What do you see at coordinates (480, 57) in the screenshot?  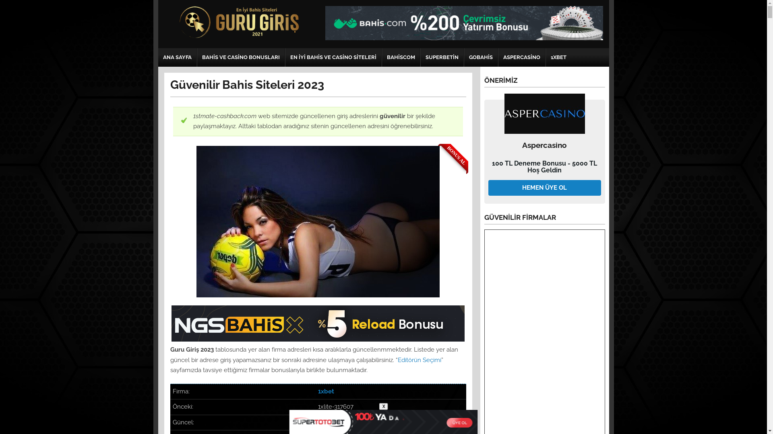 I see `'GOBAHIS'` at bounding box center [480, 57].